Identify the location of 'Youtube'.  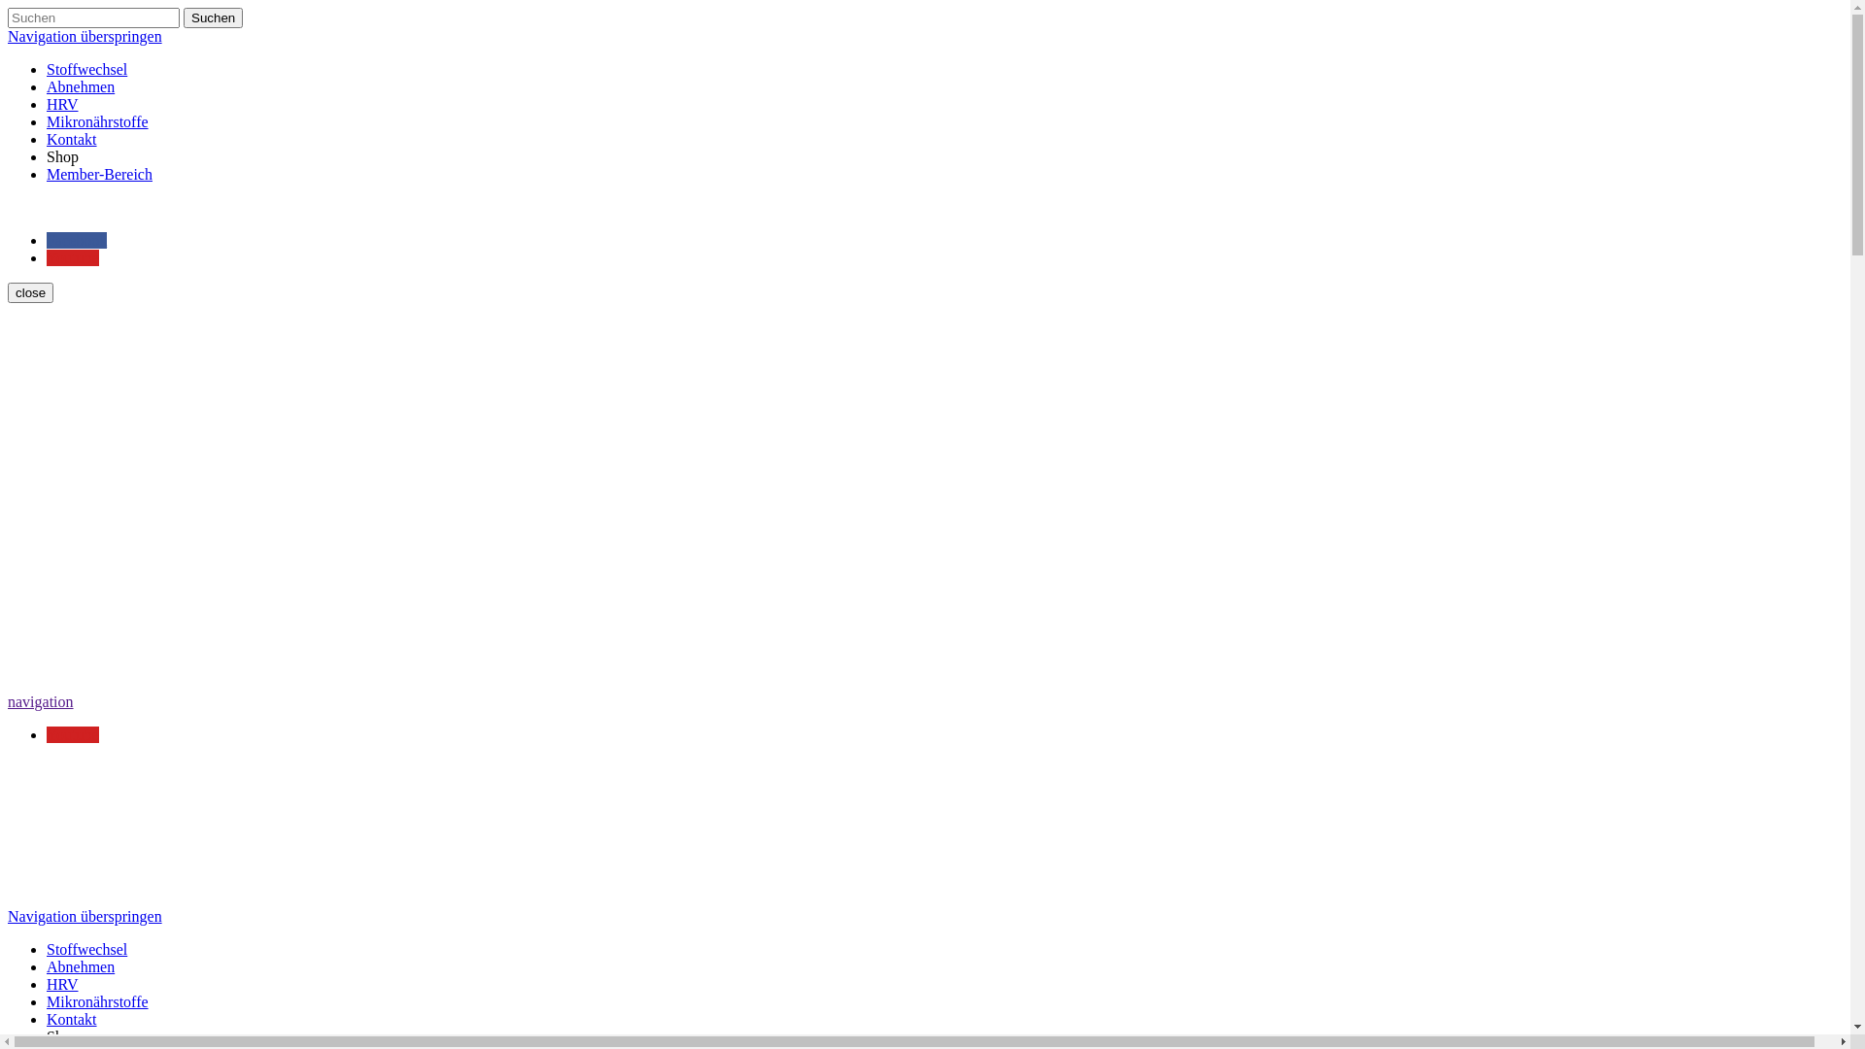
(73, 734).